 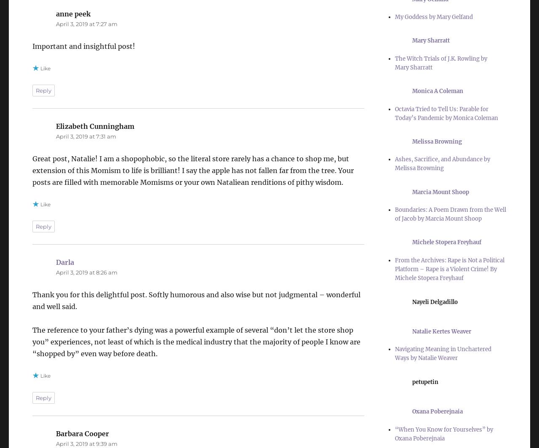 I want to click on 'From the Archives: Rape is Not a Political Platform – Rape is a Violent Crime! By Michele Stopera Freyhauf', so click(x=449, y=269).